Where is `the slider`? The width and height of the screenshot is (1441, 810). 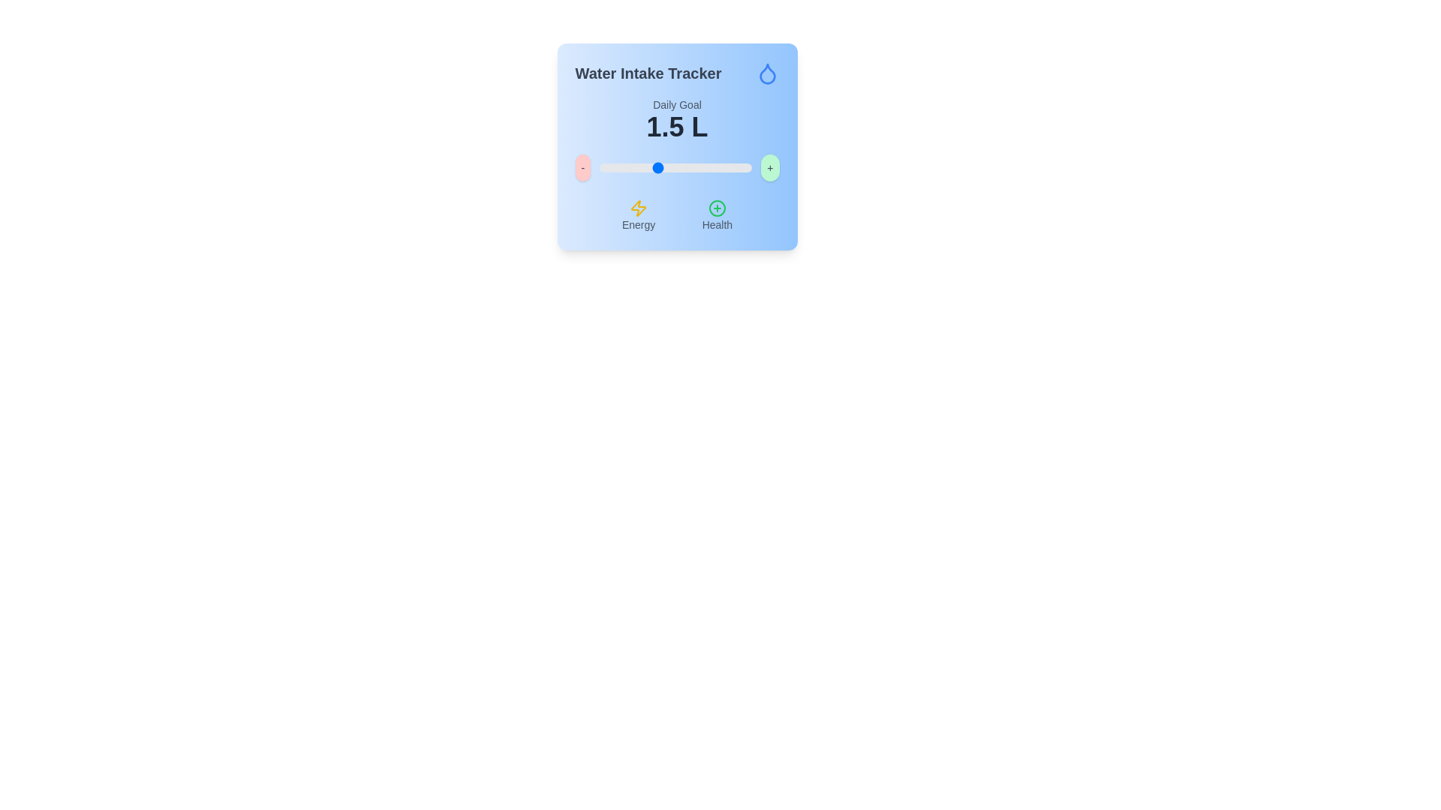 the slider is located at coordinates (637, 167).